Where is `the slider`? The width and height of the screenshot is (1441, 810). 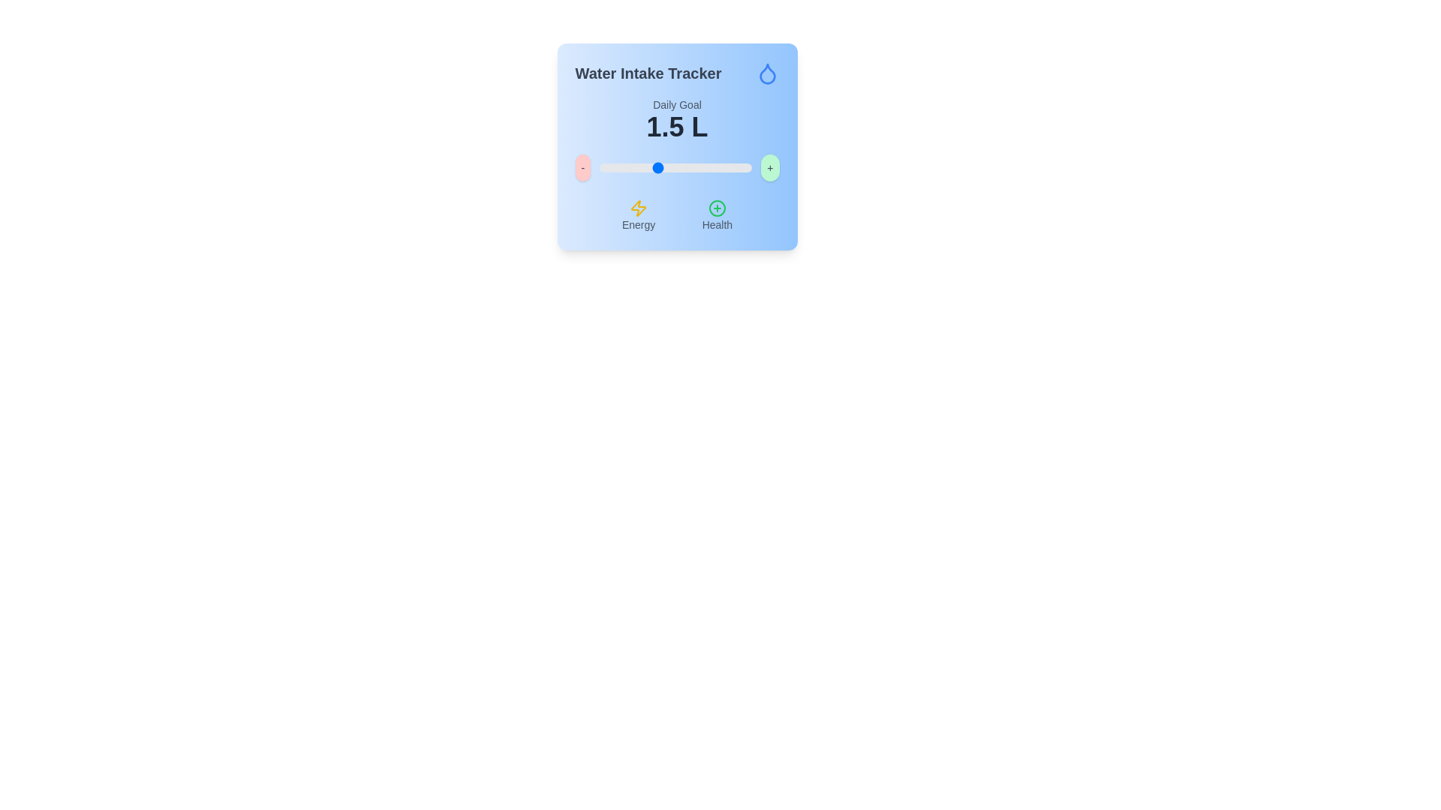 the slider is located at coordinates (637, 167).